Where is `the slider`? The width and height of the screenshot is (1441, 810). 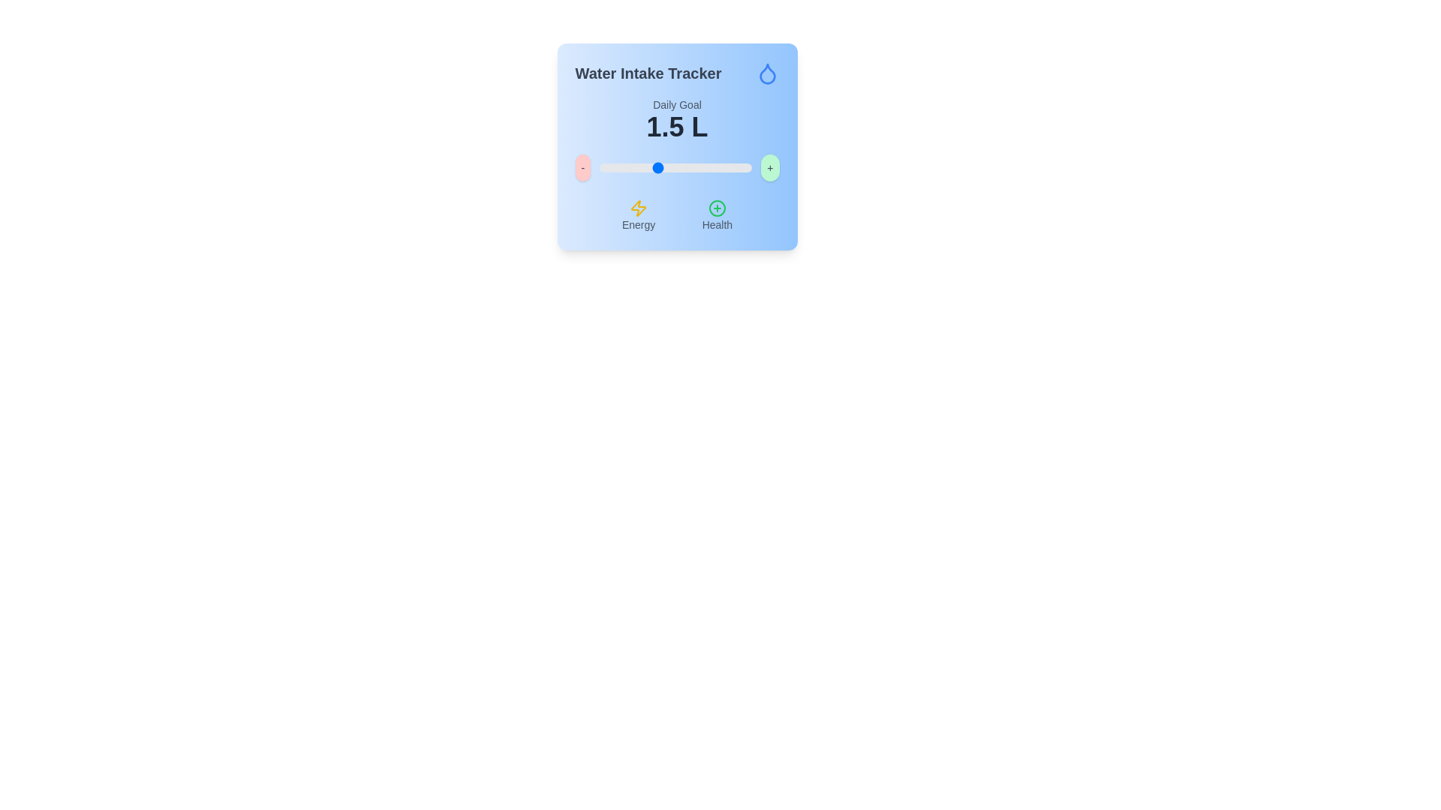 the slider is located at coordinates (637, 167).